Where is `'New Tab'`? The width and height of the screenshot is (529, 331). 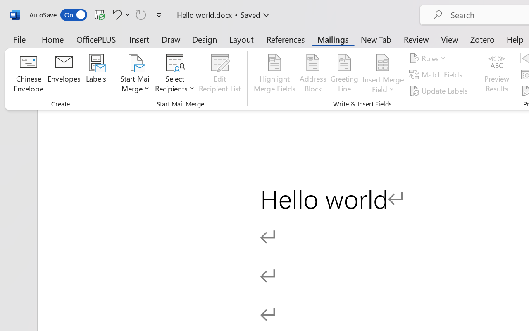 'New Tab' is located at coordinates (376, 39).